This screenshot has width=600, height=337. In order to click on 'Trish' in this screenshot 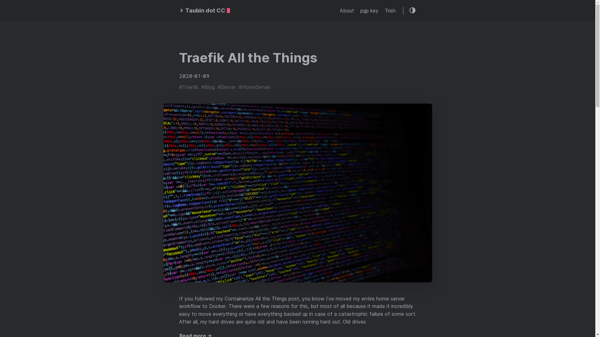, I will do `click(389, 11)`.